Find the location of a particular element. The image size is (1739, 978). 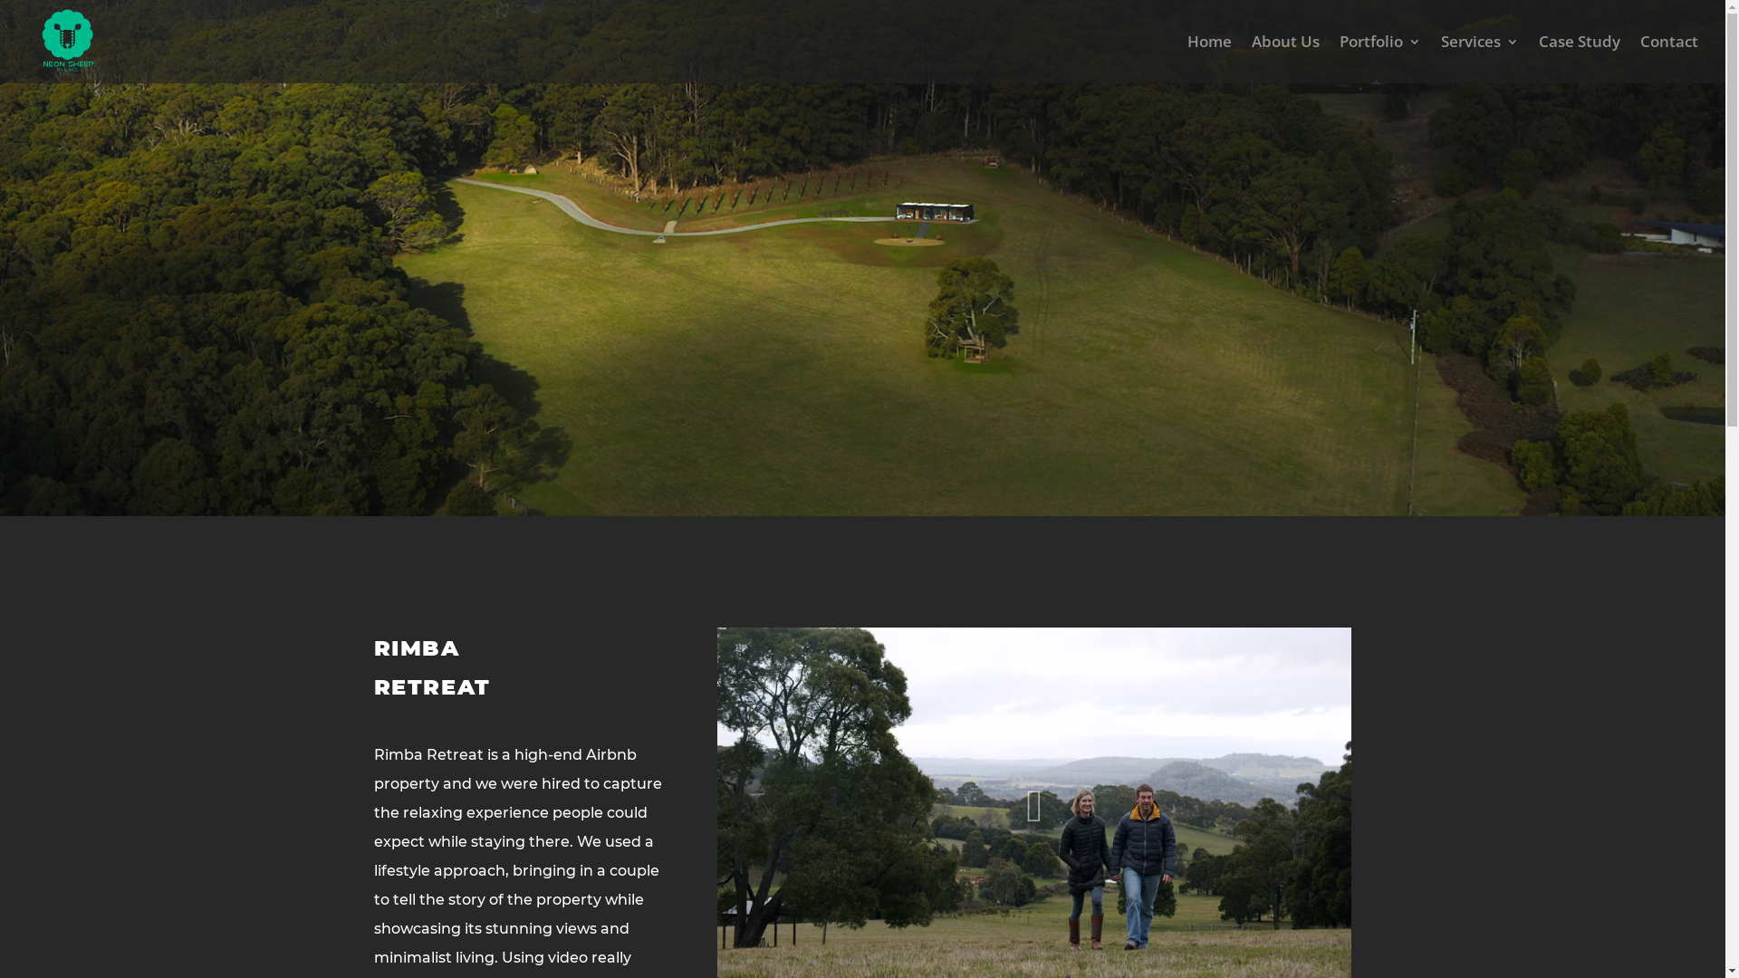

'Home' is located at coordinates (1209, 58).